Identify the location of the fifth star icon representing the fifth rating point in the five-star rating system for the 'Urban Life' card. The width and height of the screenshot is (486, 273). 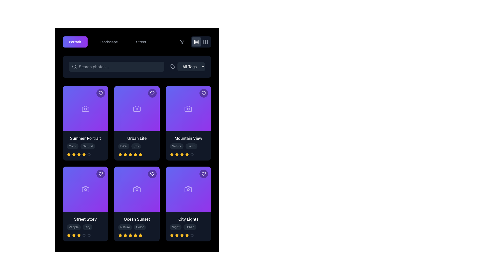
(135, 154).